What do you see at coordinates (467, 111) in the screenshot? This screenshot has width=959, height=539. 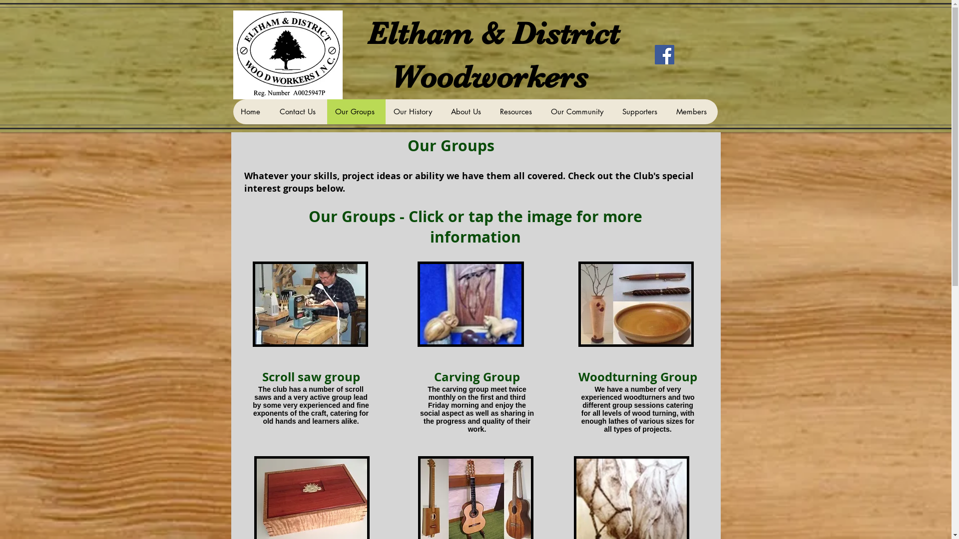 I see `'About Us'` at bounding box center [467, 111].